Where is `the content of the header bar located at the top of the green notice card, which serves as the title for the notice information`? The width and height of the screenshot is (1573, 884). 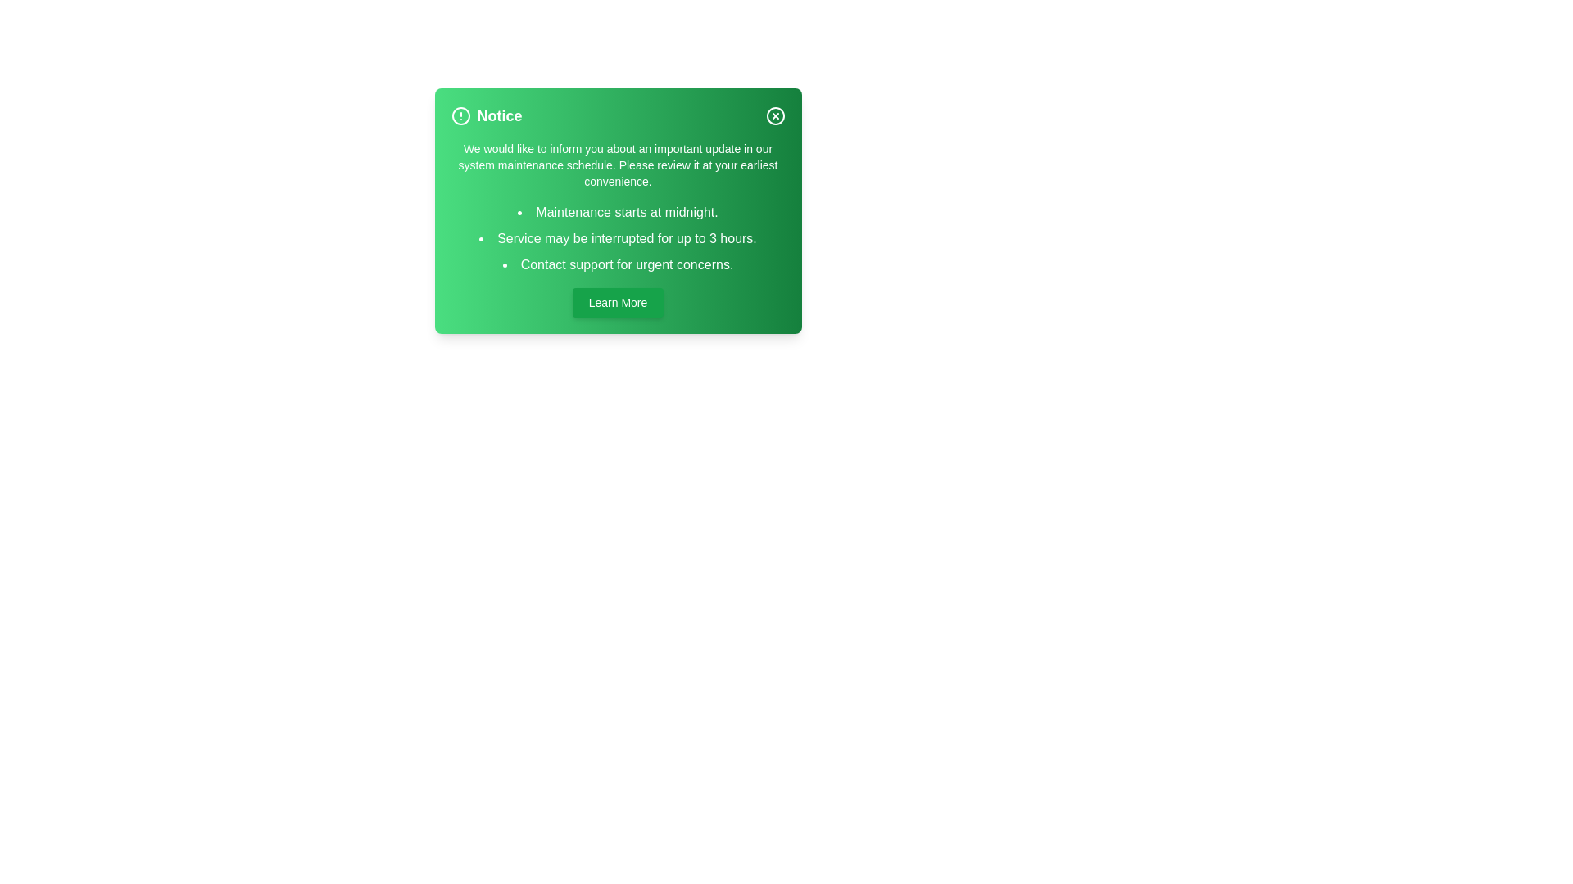
the content of the header bar located at the top of the green notice card, which serves as the title for the notice information is located at coordinates (617, 115).